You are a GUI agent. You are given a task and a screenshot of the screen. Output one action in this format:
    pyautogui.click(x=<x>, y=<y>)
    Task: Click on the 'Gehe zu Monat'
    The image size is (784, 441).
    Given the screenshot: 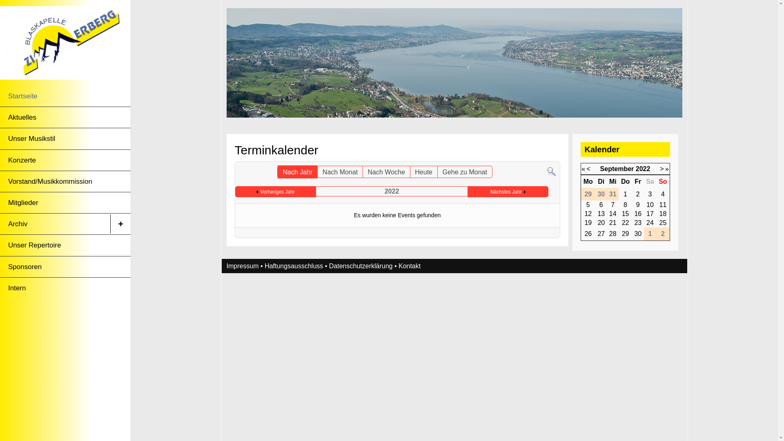 What is the action you would take?
    pyautogui.click(x=464, y=171)
    